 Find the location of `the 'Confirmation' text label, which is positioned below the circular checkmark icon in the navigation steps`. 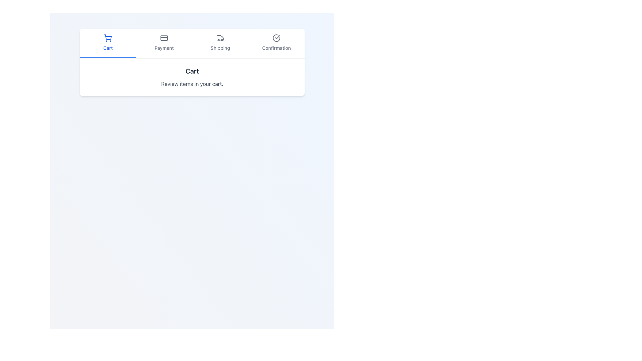

the 'Confirmation' text label, which is positioned below the circular checkmark icon in the navigation steps is located at coordinates (276, 47).